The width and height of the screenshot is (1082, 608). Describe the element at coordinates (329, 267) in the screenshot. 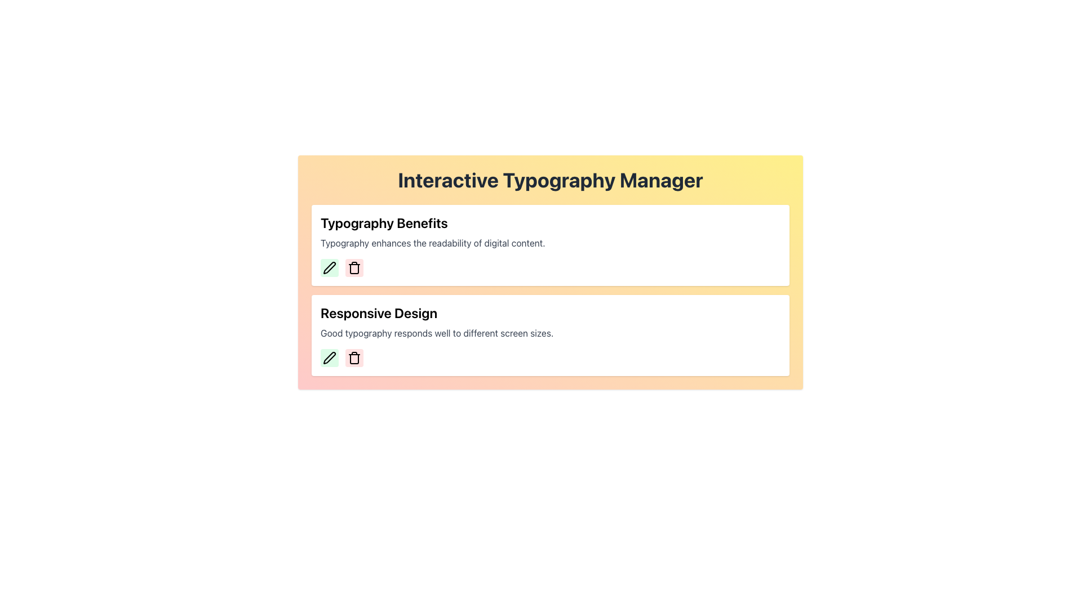

I see `the edit button located at the leftmost position inside the horizontal group of buttons below the 'Responsive Design' card` at that location.